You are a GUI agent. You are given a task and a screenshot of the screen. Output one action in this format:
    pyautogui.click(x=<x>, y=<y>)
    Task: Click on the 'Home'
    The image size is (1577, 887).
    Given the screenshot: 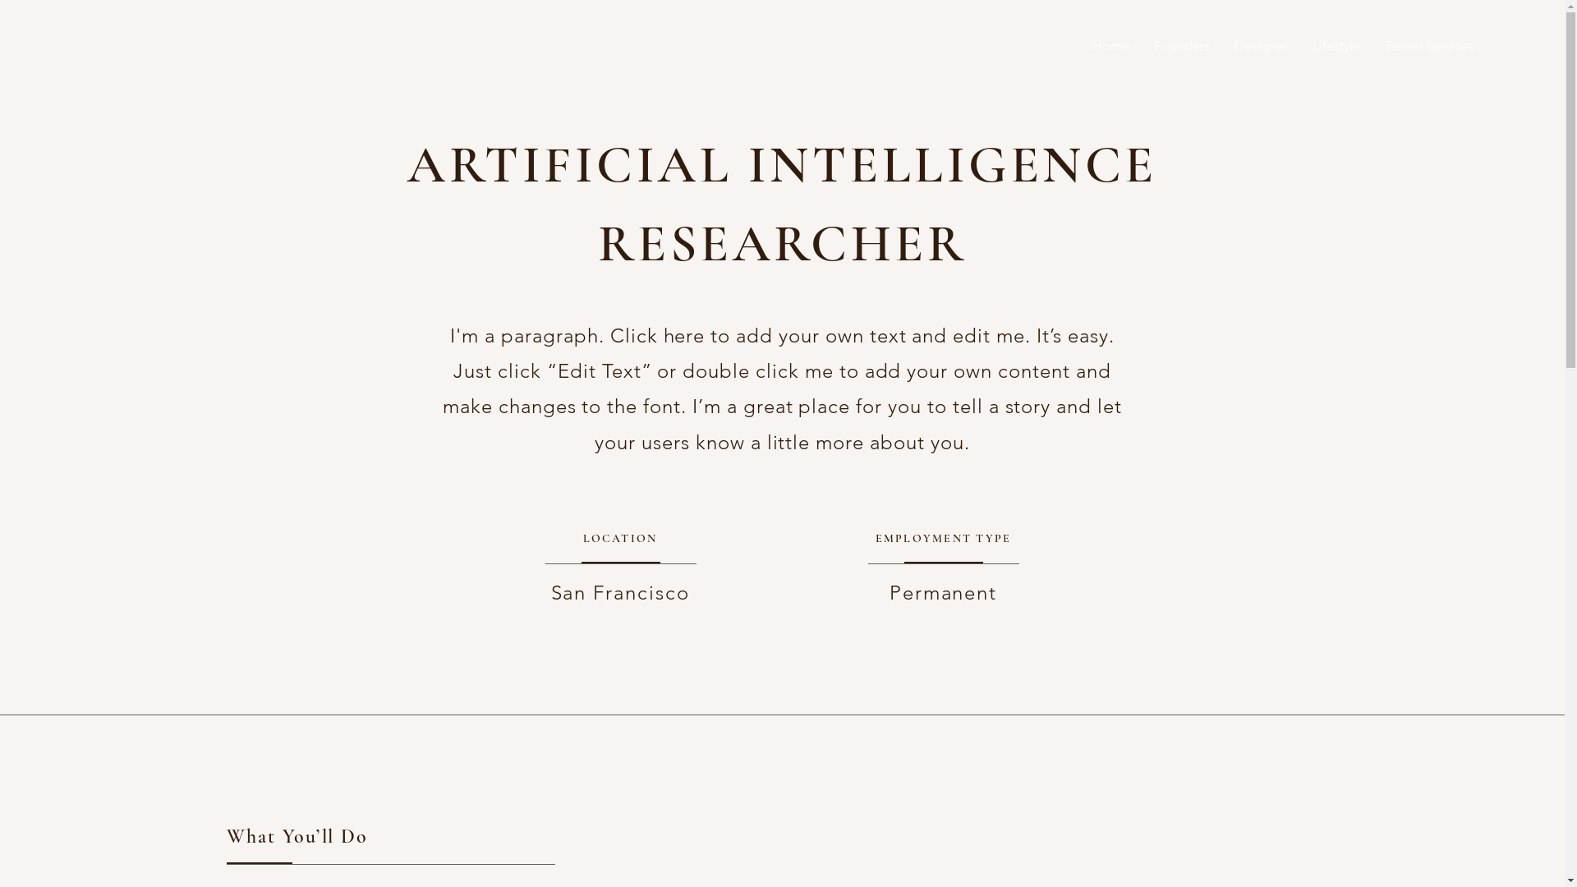 What is the action you would take?
    pyautogui.click(x=1110, y=45)
    